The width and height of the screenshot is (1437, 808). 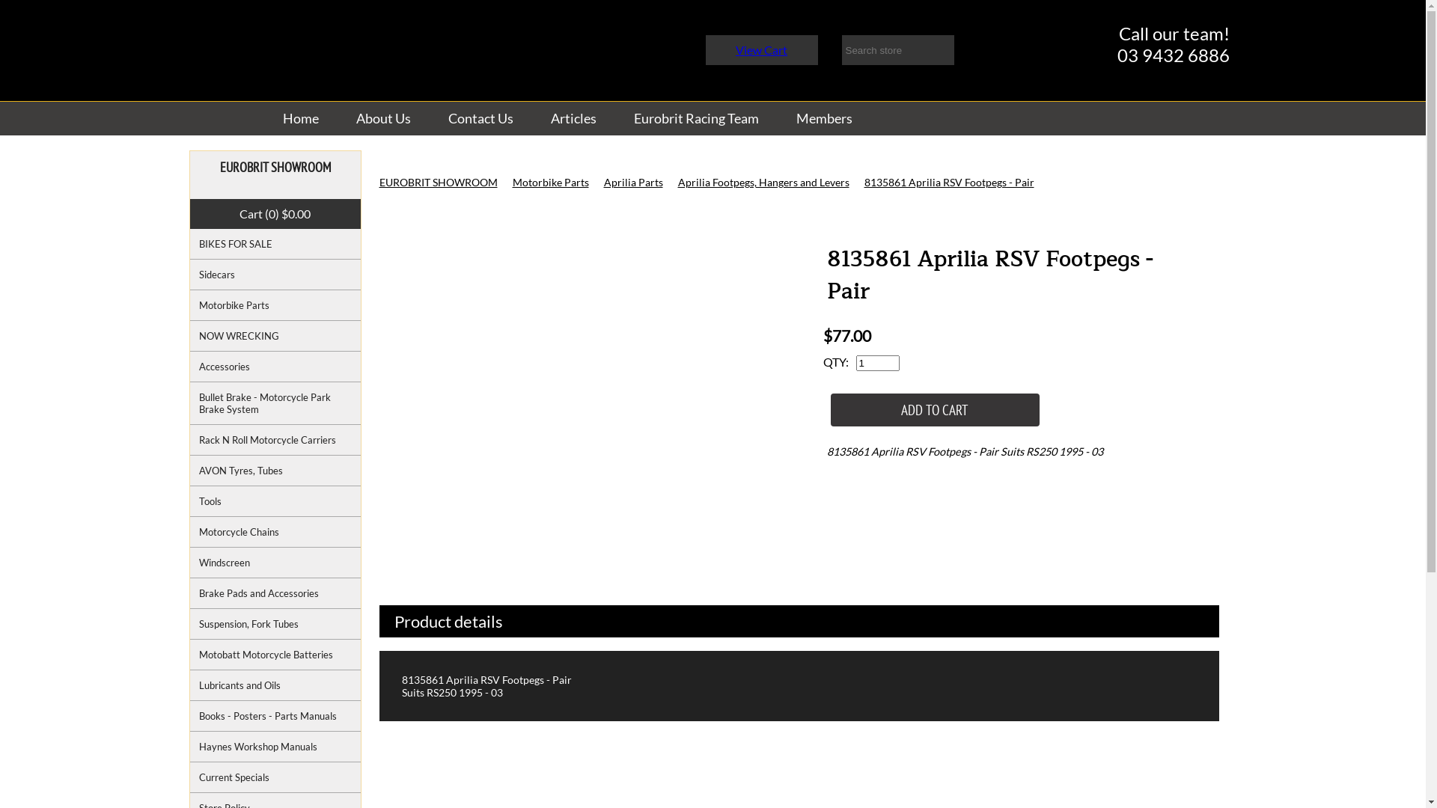 What do you see at coordinates (275, 335) in the screenshot?
I see `'NOW WRECKING'` at bounding box center [275, 335].